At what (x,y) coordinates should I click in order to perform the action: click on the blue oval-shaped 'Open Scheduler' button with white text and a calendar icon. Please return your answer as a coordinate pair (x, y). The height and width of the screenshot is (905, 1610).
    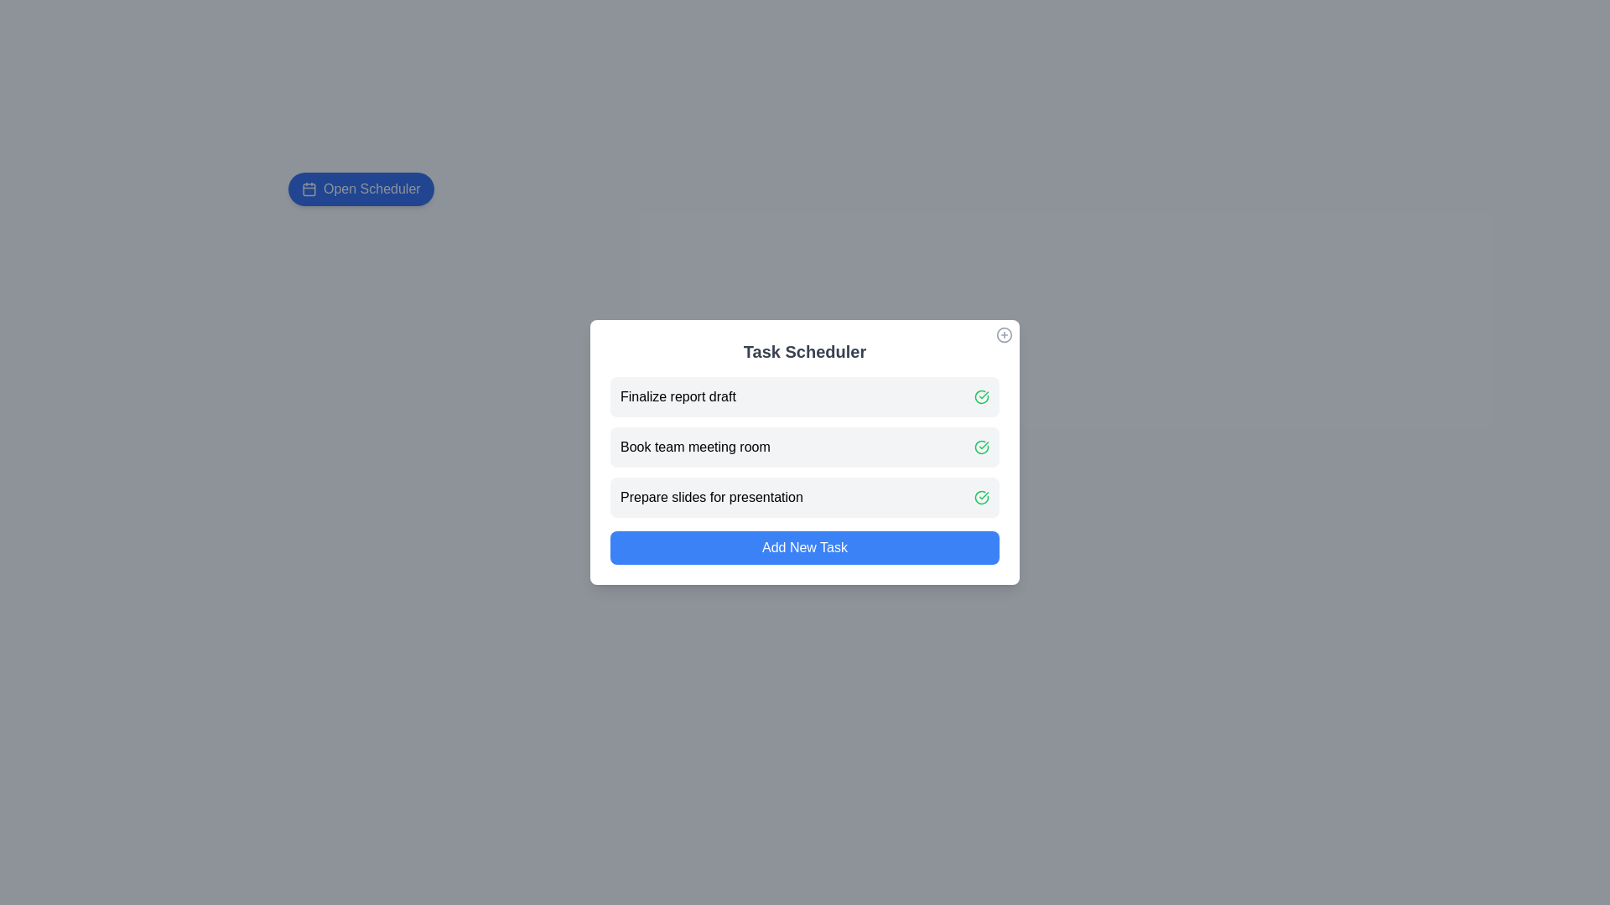
    Looking at the image, I should click on (360, 189).